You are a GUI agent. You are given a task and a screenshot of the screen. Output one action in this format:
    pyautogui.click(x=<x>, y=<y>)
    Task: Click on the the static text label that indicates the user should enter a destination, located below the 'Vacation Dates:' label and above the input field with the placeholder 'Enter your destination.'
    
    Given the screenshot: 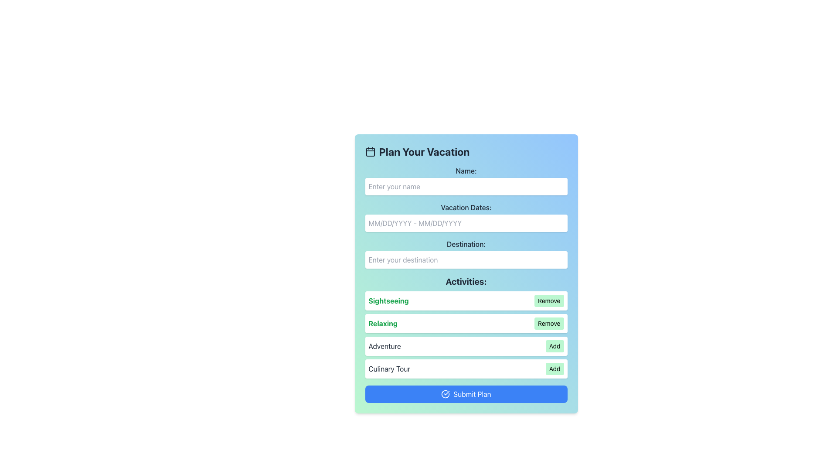 What is the action you would take?
    pyautogui.click(x=466, y=244)
    